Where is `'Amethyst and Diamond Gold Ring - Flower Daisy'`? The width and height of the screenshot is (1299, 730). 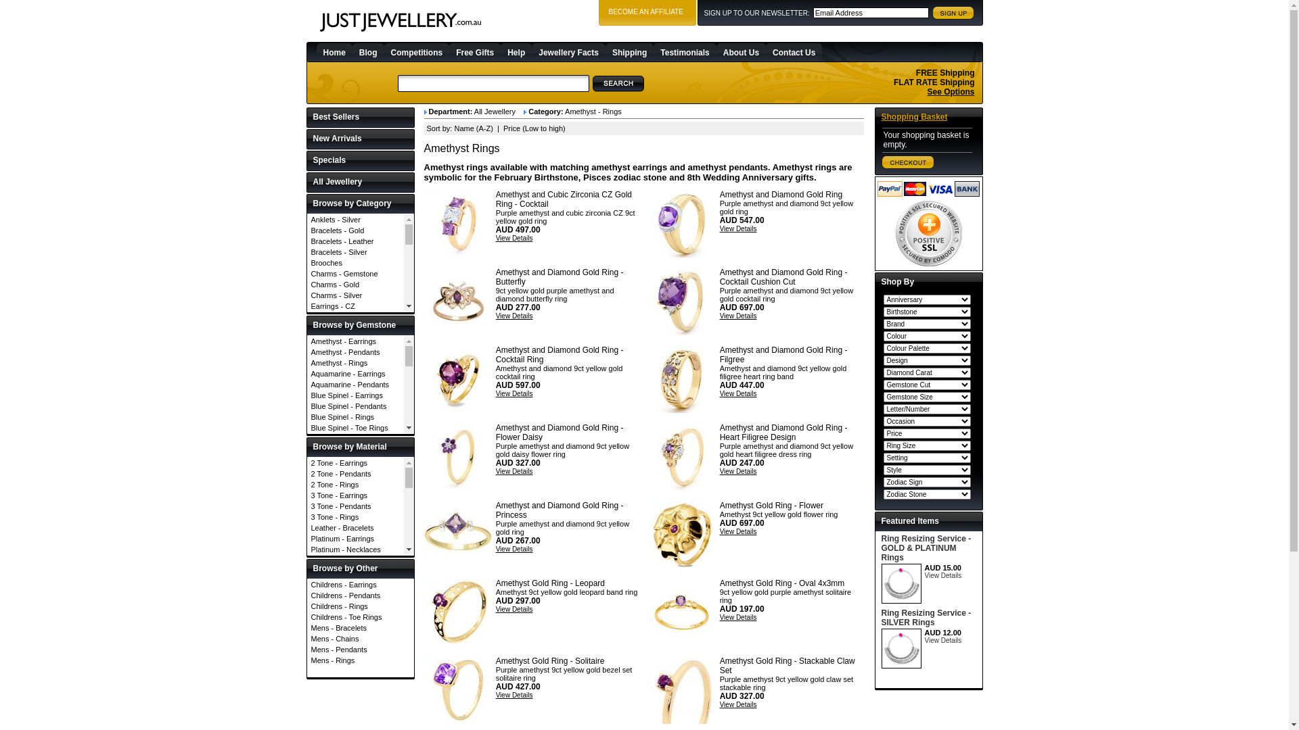
'Amethyst and Diamond Gold Ring - Flower Daisy' is located at coordinates (457, 456).